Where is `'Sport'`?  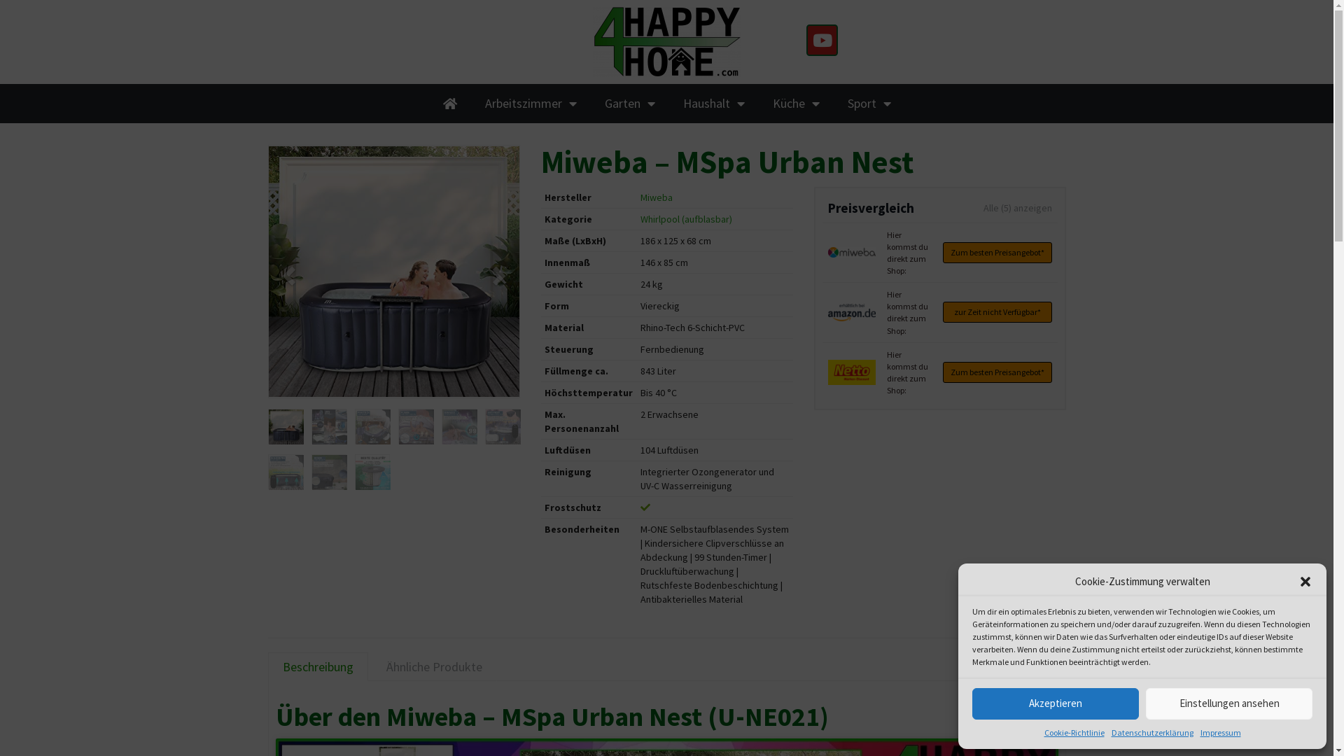 'Sport' is located at coordinates (868, 102).